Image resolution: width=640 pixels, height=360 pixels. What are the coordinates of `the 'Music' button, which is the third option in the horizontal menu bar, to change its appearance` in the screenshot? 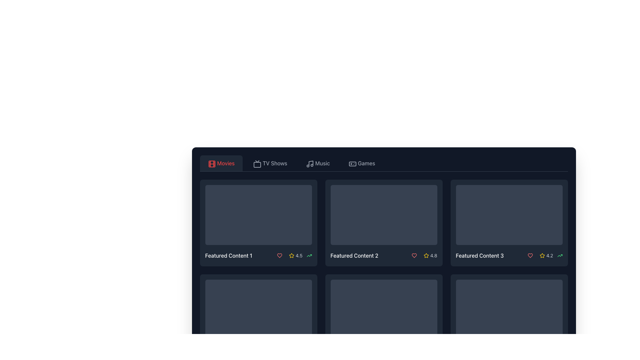 It's located at (317, 163).